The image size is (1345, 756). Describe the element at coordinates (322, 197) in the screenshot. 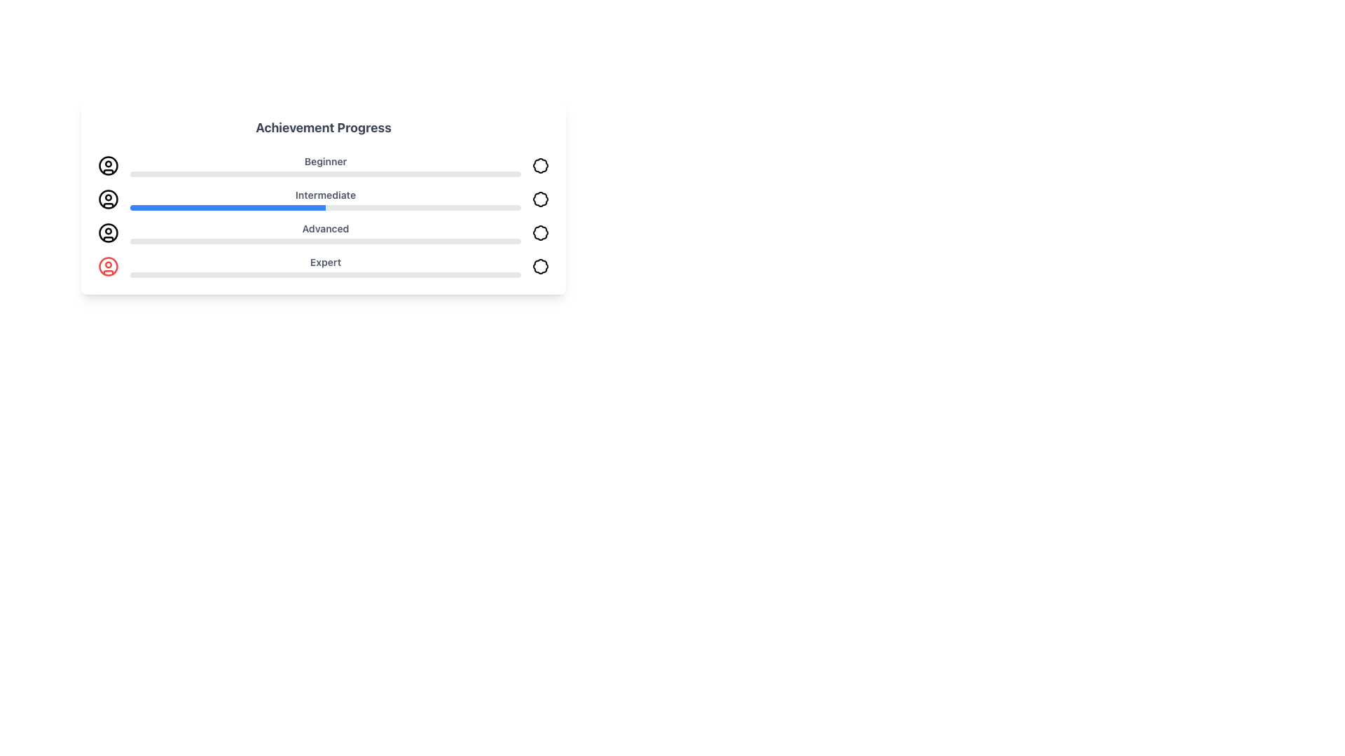

I see `the second progress bar in the 'Achievement Progress' section that visually represents the progress of an 'Intermediate' achievement` at that location.